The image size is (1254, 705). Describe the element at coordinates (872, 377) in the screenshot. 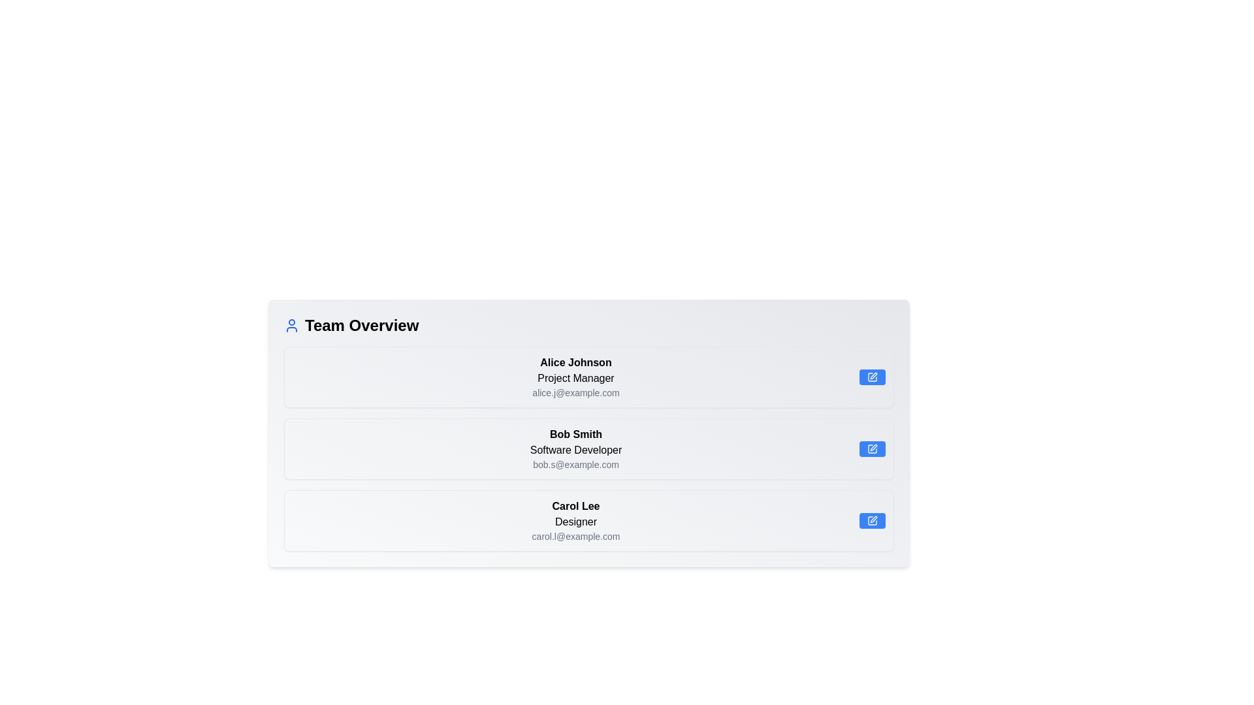

I see `the edit button located in the top-right corner of the card displaying details for 'Alice Johnson'` at that location.